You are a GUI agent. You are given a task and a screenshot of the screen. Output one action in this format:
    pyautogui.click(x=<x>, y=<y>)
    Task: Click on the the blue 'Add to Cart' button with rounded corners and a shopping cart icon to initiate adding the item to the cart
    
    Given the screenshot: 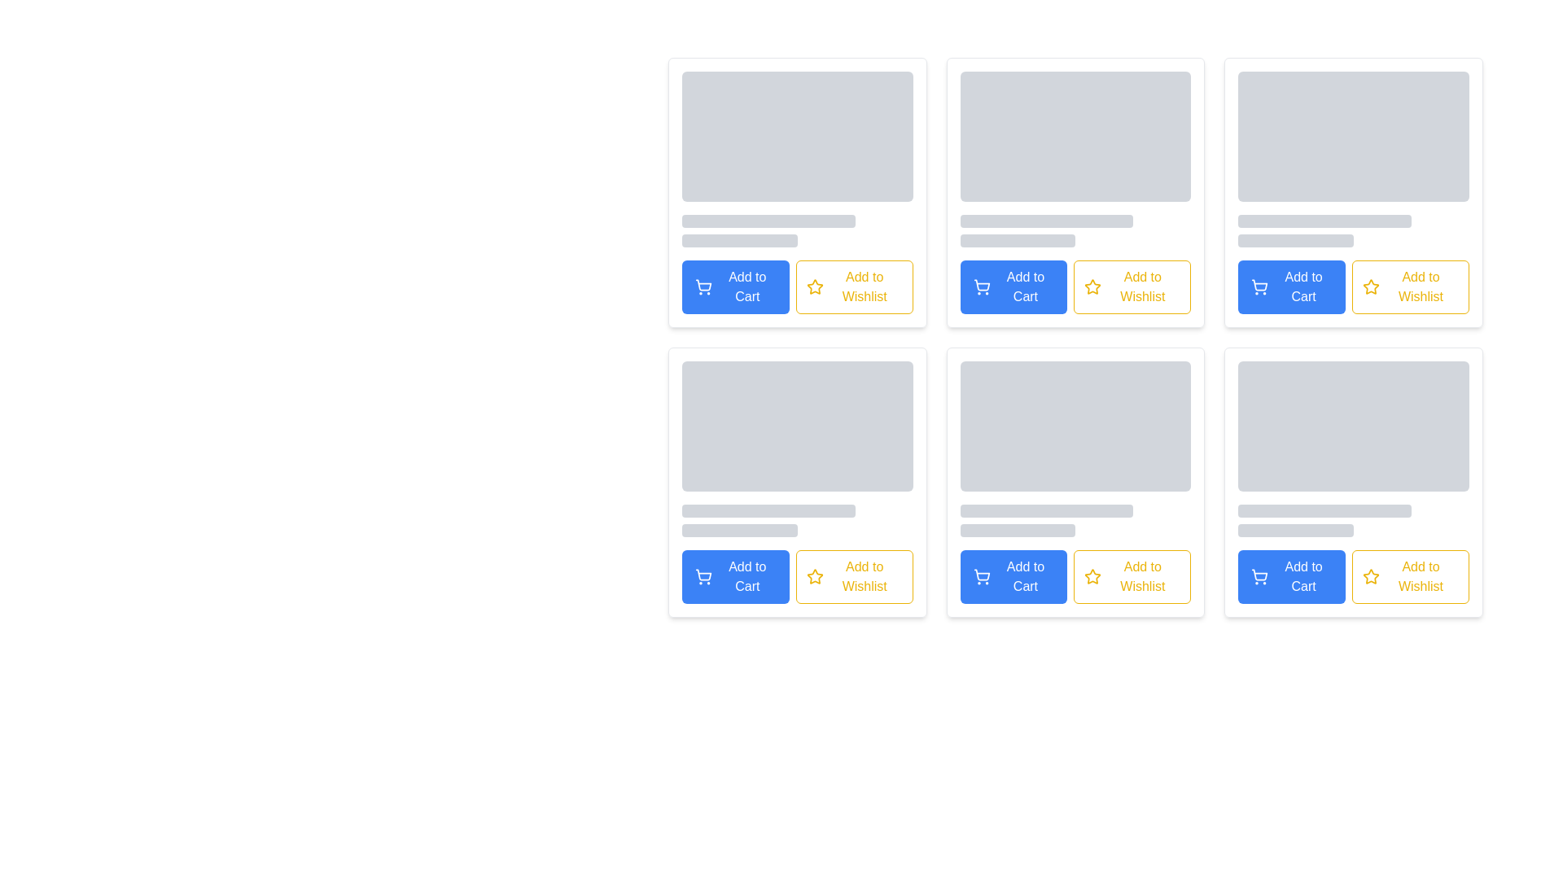 What is the action you would take?
    pyautogui.click(x=1291, y=576)
    